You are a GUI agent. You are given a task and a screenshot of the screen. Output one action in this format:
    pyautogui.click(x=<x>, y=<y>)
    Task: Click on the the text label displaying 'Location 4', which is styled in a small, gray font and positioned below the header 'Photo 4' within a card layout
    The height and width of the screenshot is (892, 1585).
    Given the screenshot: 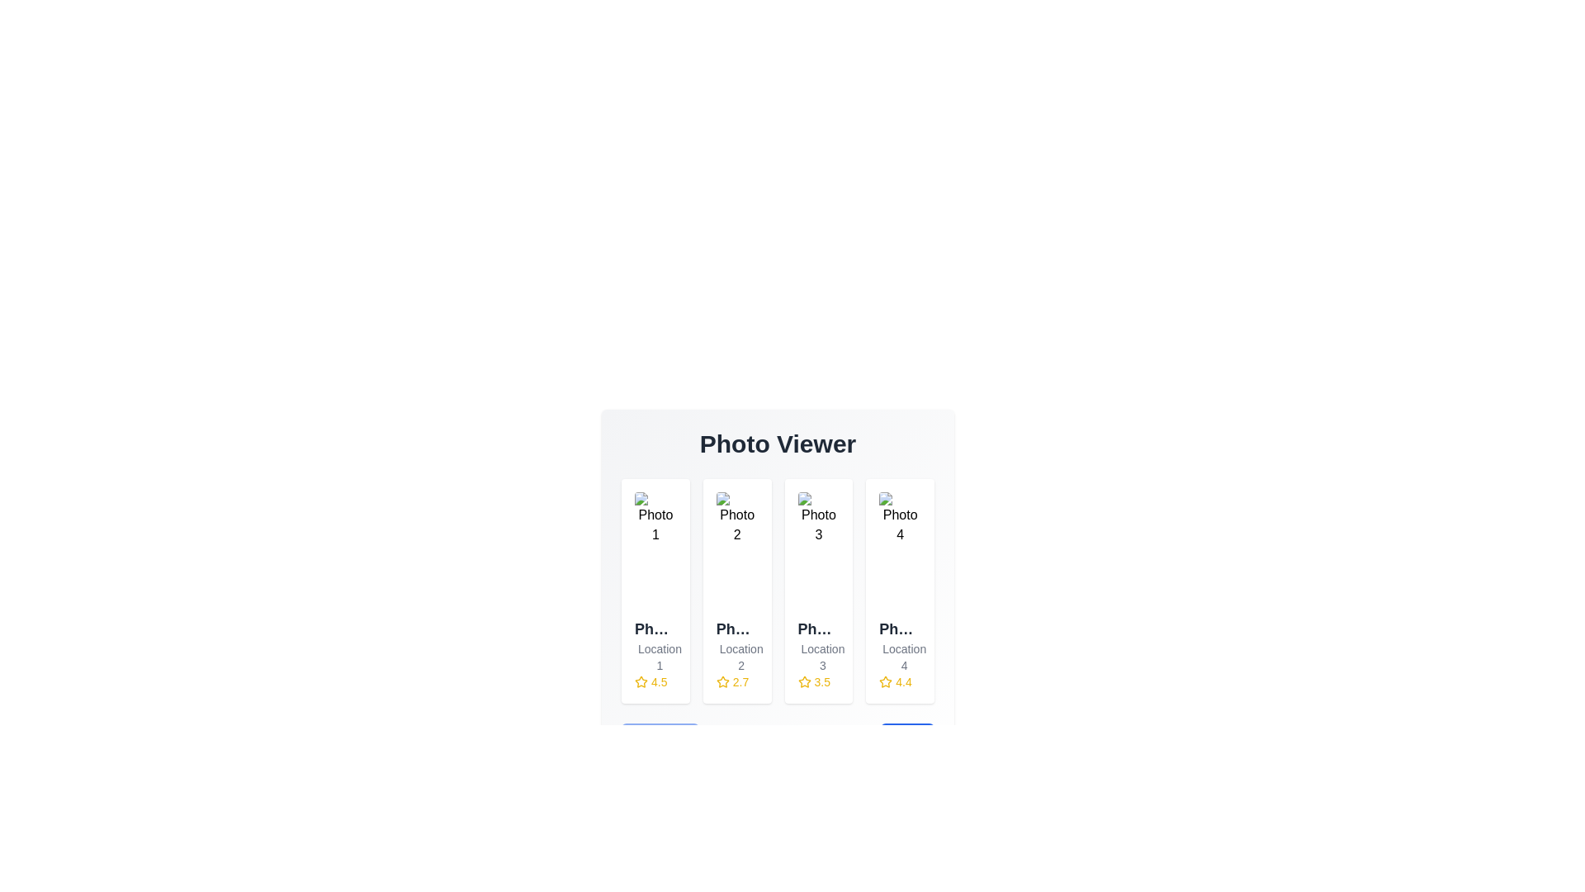 What is the action you would take?
    pyautogui.click(x=899, y=656)
    